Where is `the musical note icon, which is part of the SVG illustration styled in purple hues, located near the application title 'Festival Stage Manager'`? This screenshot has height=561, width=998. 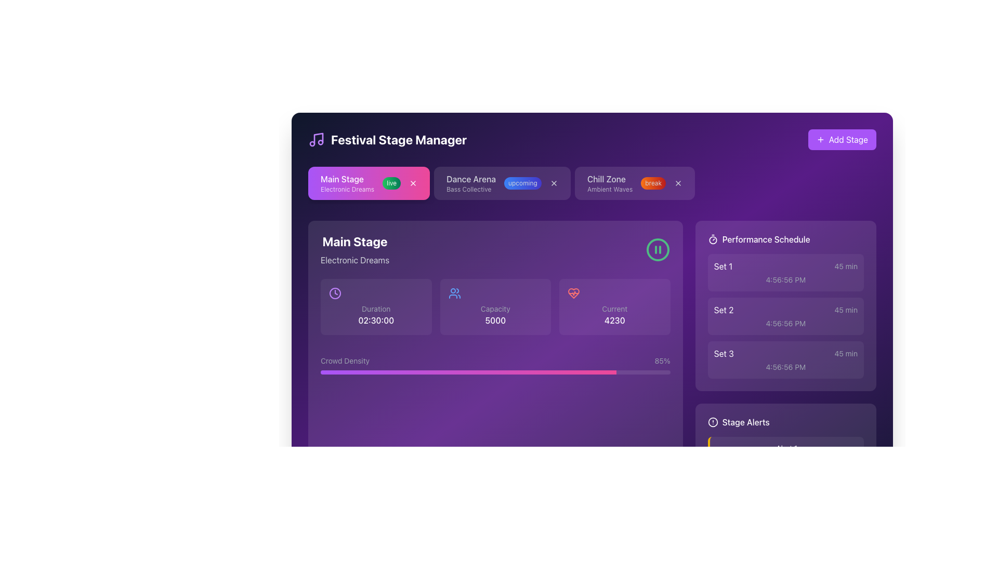 the musical note icon, which is part of the SVG illustration styled in purple hues, located near the application title 'Festival Stage Manager' is located at coordinates (318, 138).